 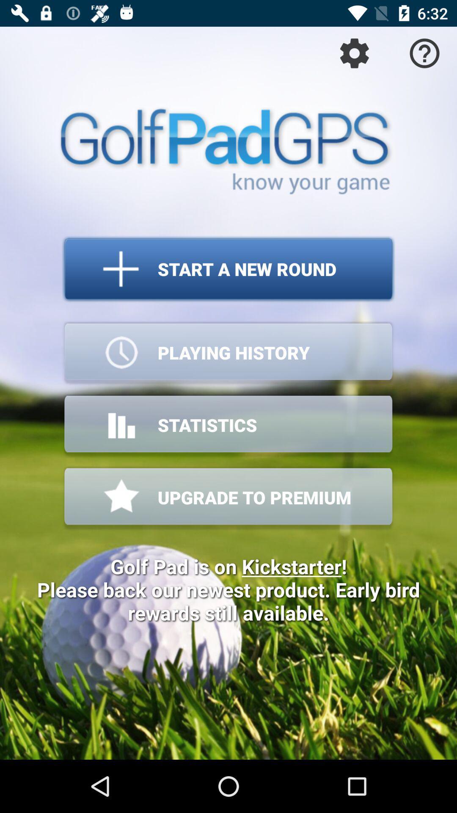 I want to click on search for help, so click(x=424, y=53).